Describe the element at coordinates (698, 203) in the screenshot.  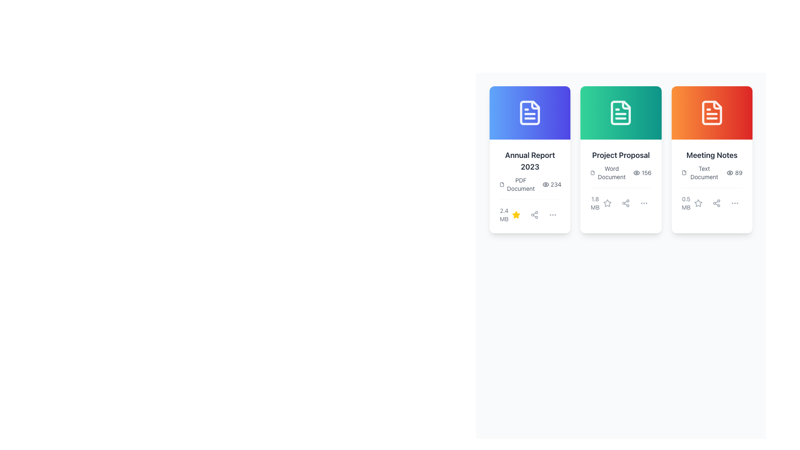
I see `the hollow gray star icon located within the 'Meeting Notes' card` at that location.